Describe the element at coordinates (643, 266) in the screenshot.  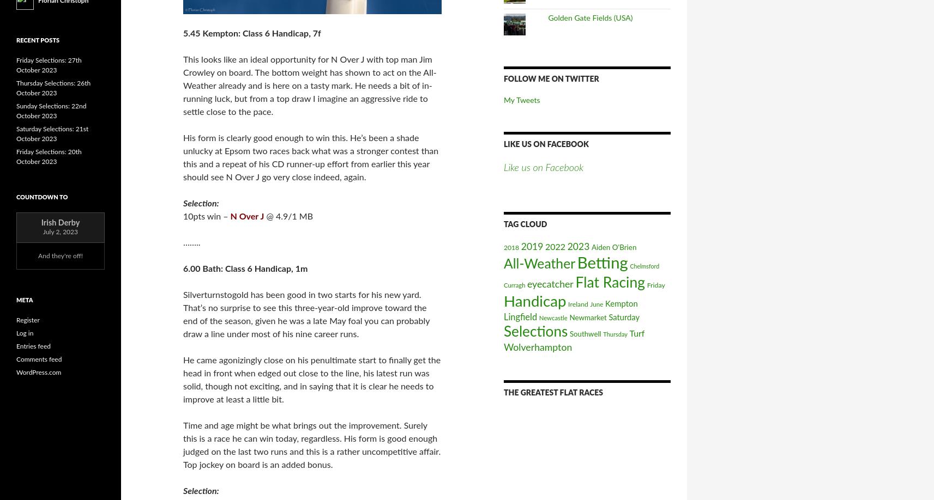
I see `'Chelmsford'` at that location.